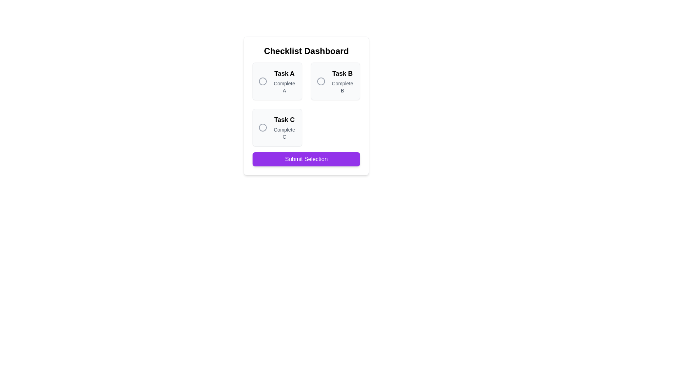  Describe the element at coordinates (262, 127) in the screenshot. I see `the third radio button in the checklist interface labeled 'Task C'` at that location.